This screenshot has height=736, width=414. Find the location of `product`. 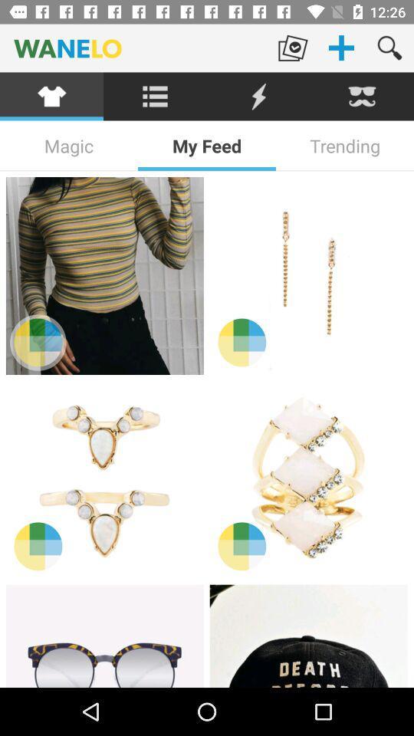

product is located at coordinates (103, 478).